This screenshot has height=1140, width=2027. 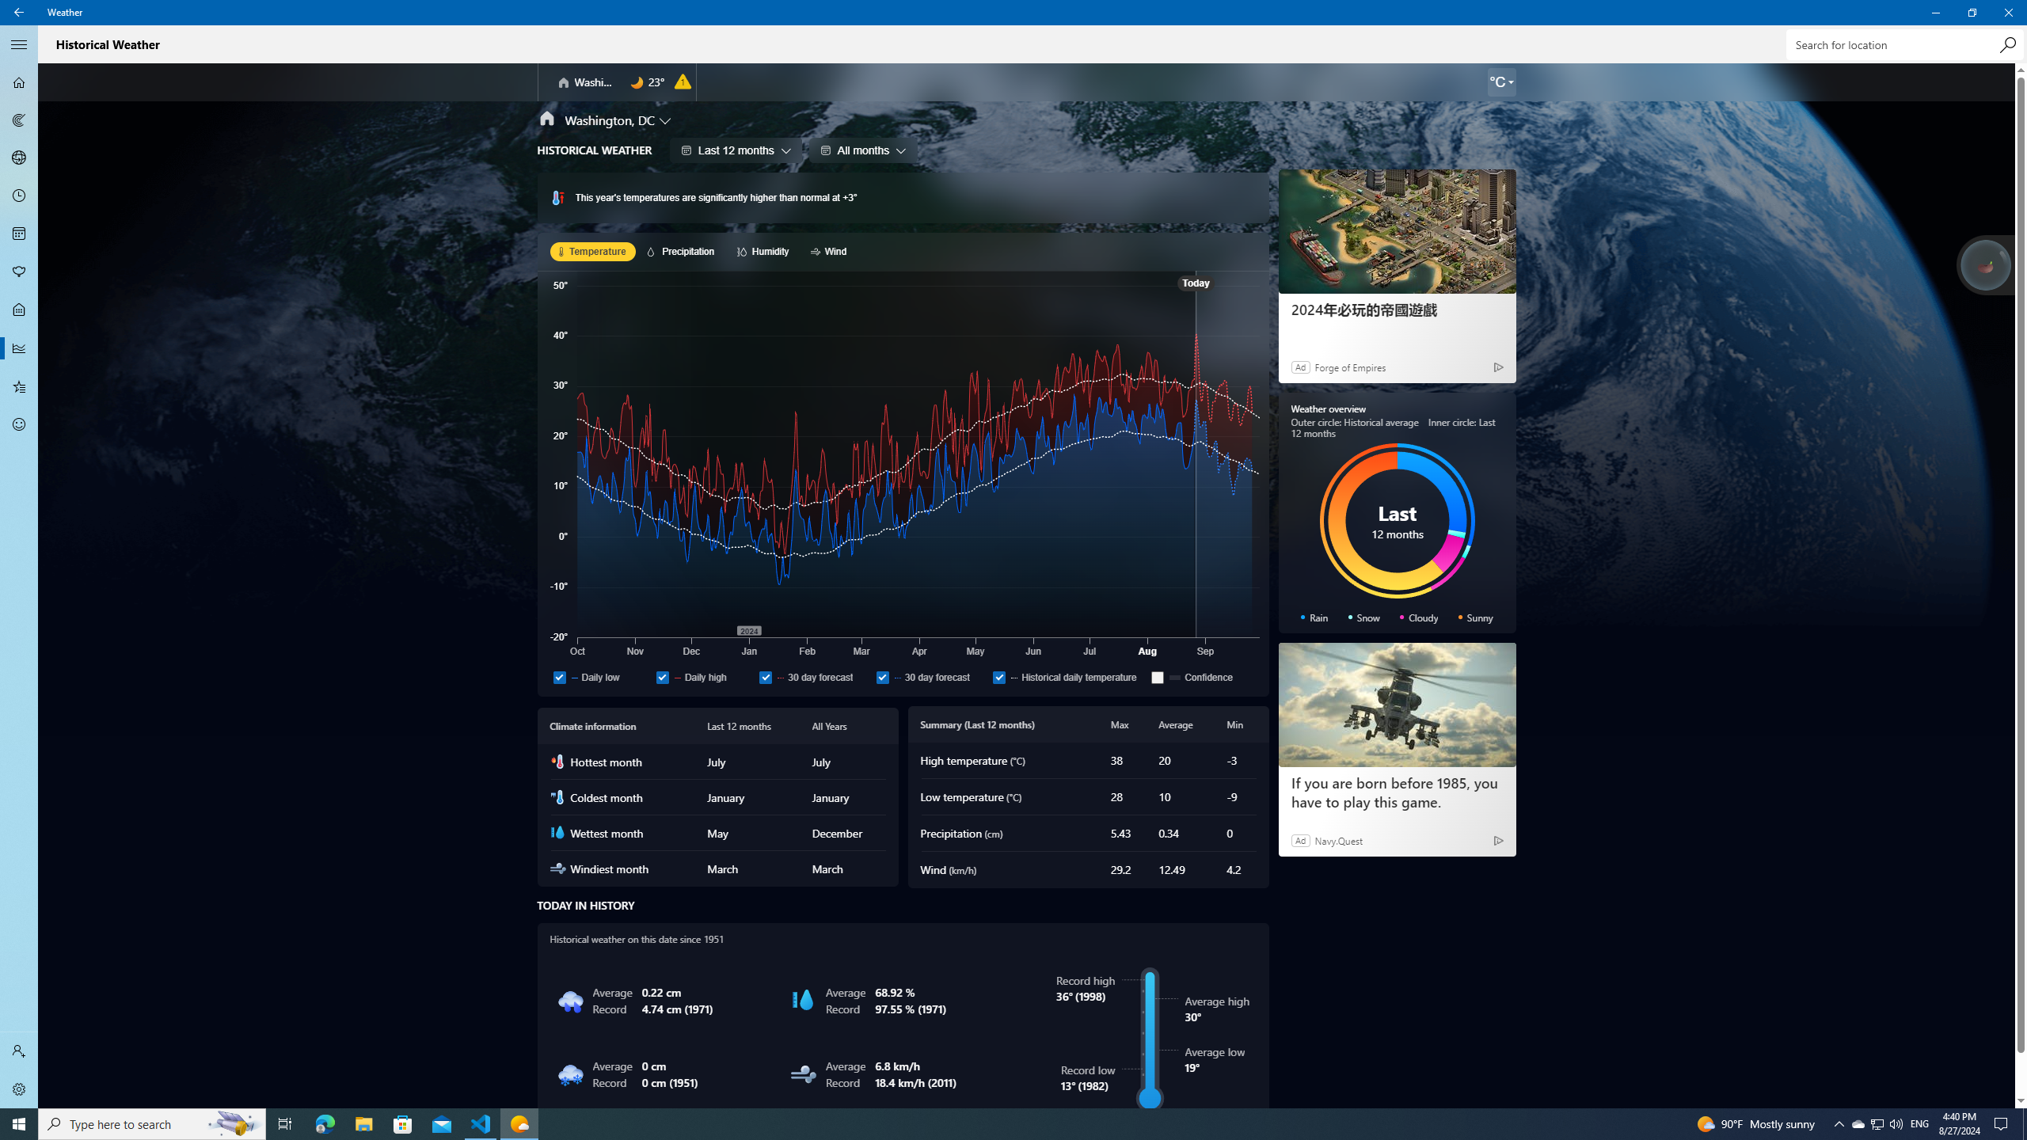 I want to click on 'Notification Chevron', so click(x=1839, y=1123).